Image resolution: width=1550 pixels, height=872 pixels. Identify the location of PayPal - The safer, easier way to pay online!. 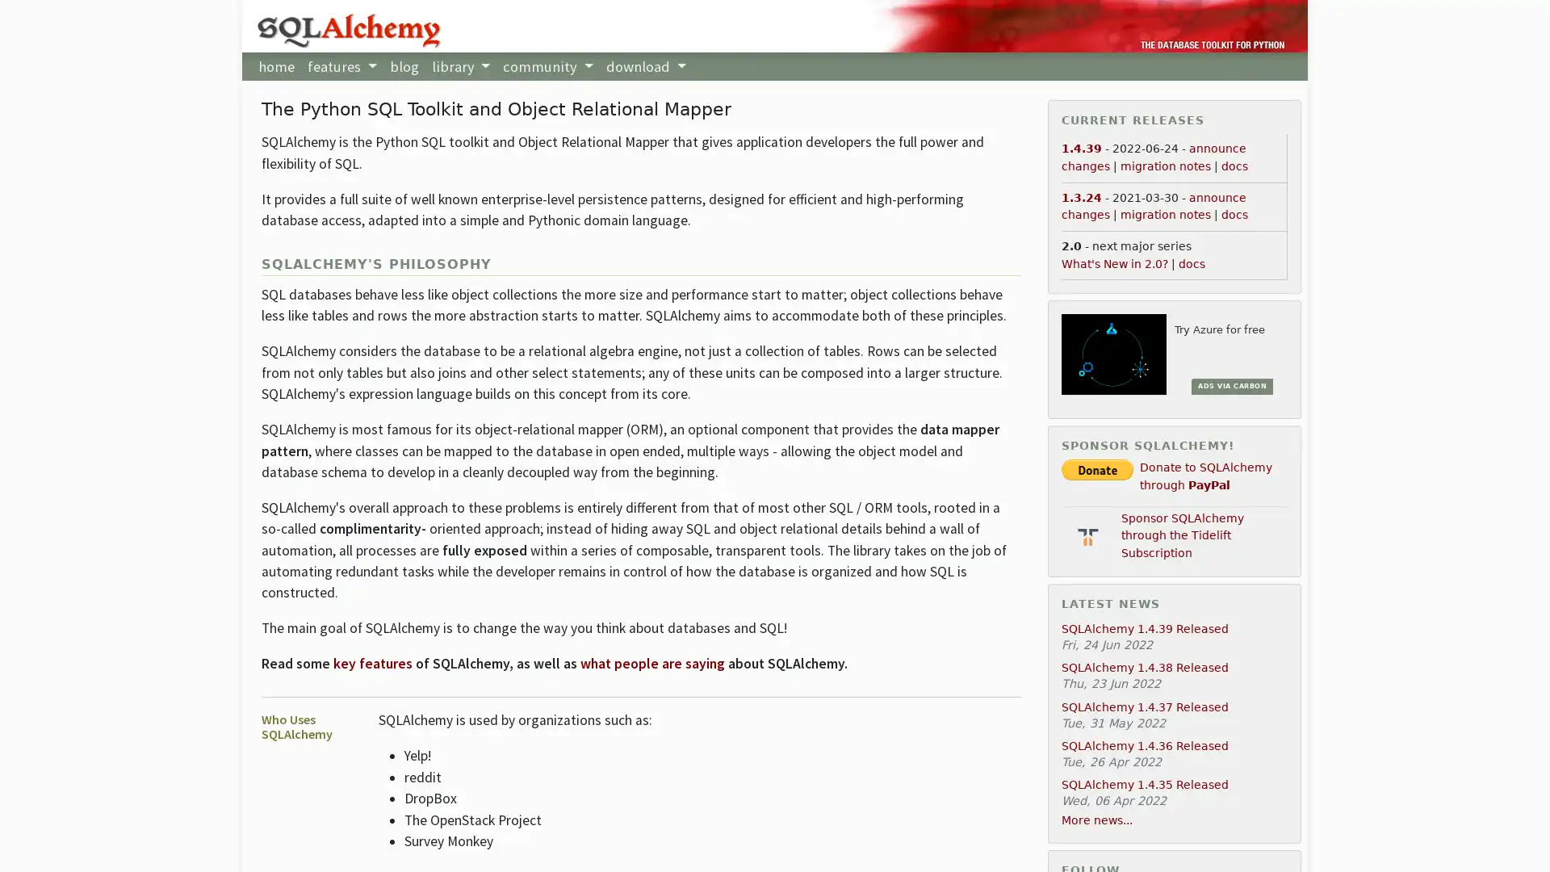
(1097, 469).